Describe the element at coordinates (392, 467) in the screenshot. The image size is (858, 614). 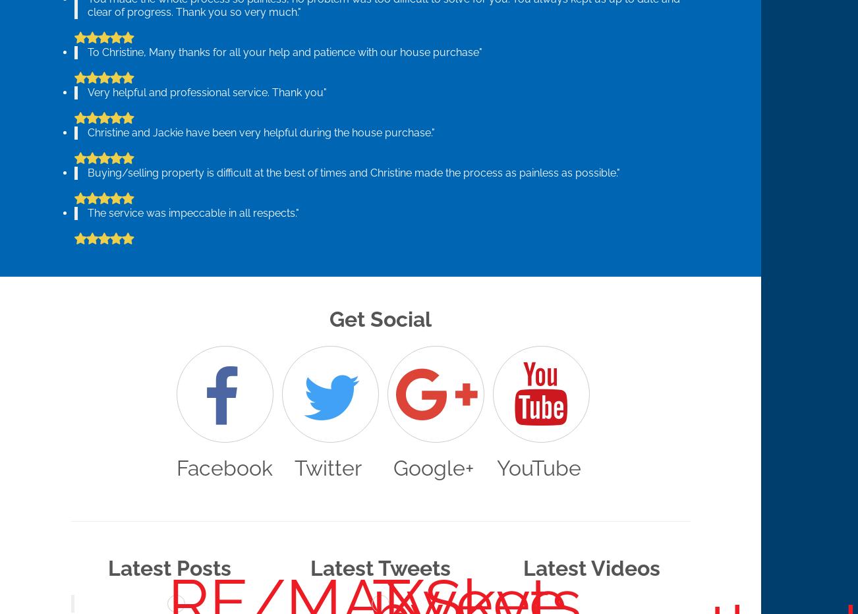
I see `'Google+'` at that location.